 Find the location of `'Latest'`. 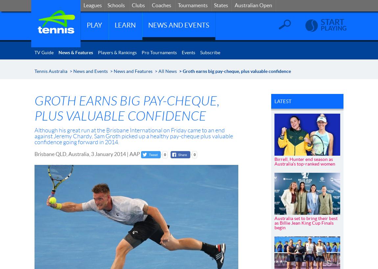

'Latest' is located at coordinates (282, 101).